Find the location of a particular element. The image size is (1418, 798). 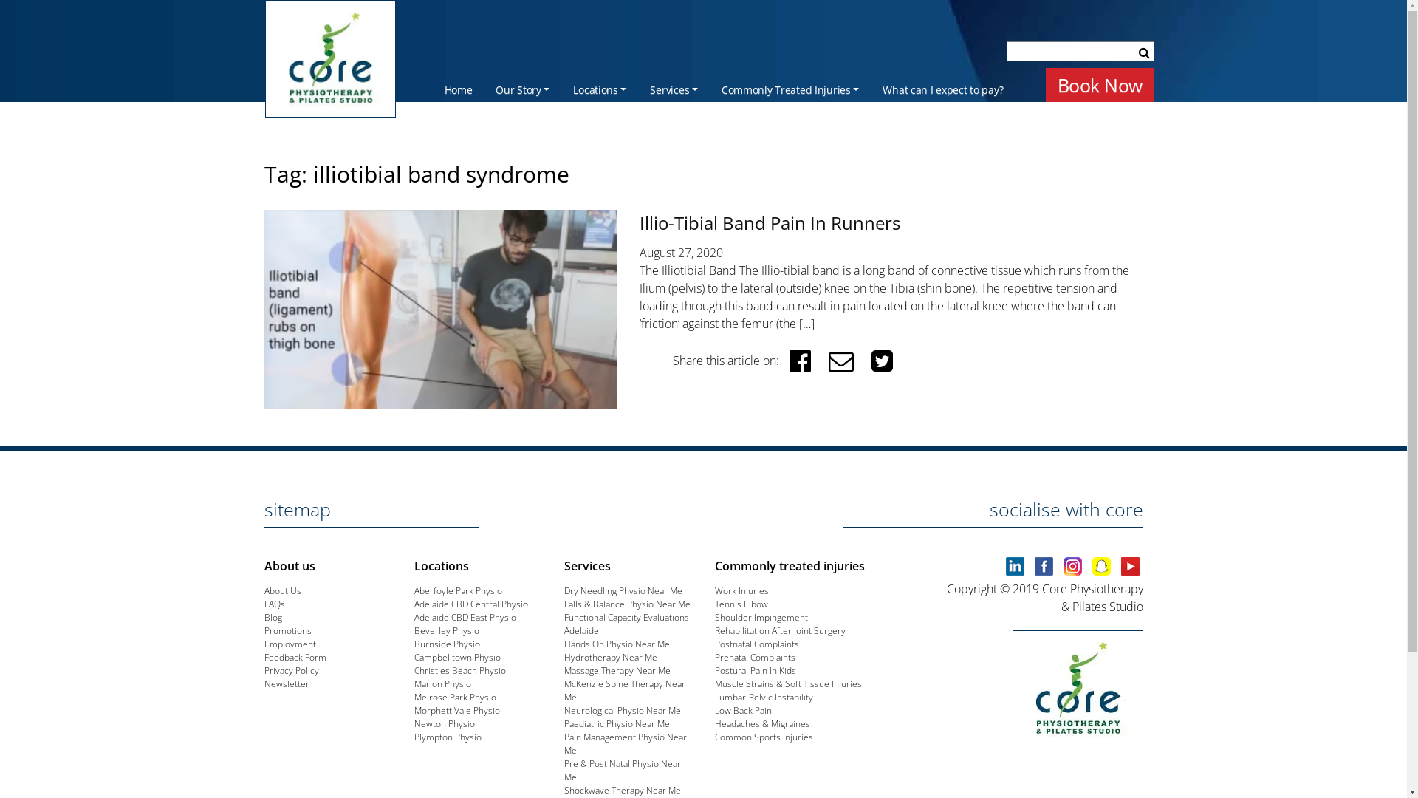

'Employment' is located at coordinates (290, 643).